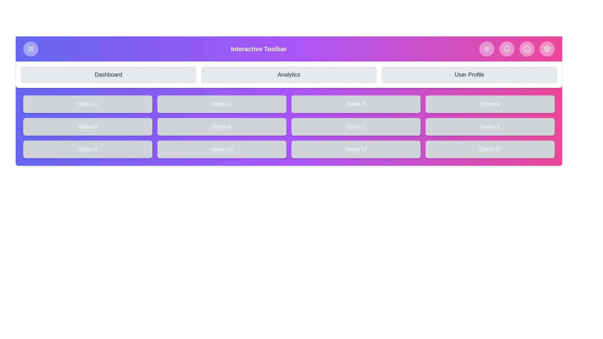 The height and width of the screenshot is (339, 603). What do you see at coordinates (486, 48) in the screenshot?
I see `the Sun icon in the navigation bar` at bounding box center [486, 48].